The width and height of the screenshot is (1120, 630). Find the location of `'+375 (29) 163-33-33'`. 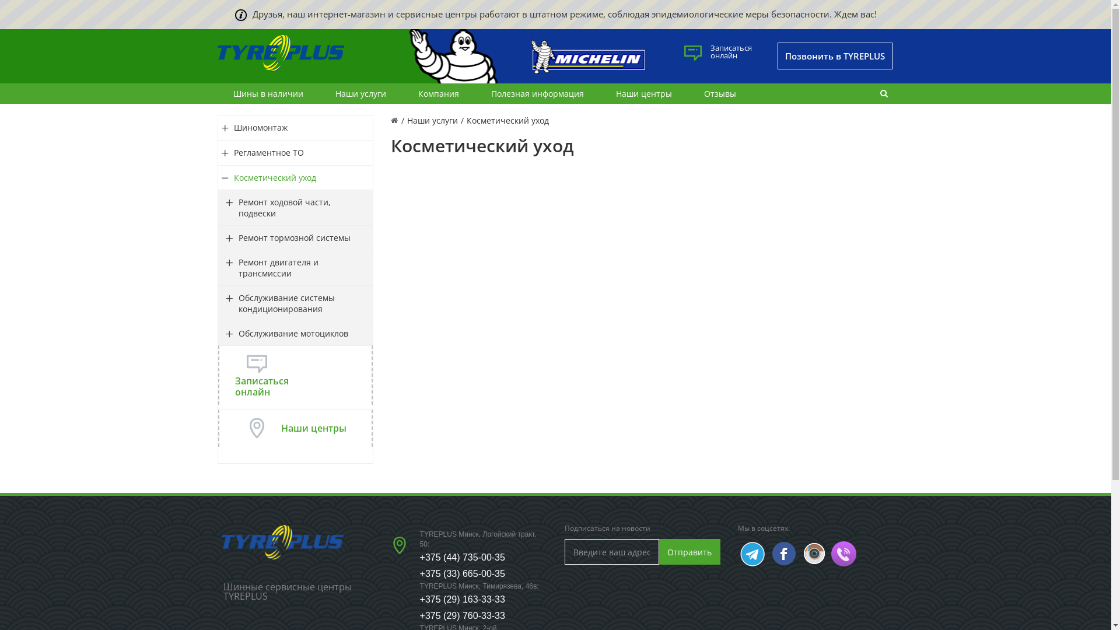

'+375 (29) 163-33-33' is located at coordinates (461, 599).